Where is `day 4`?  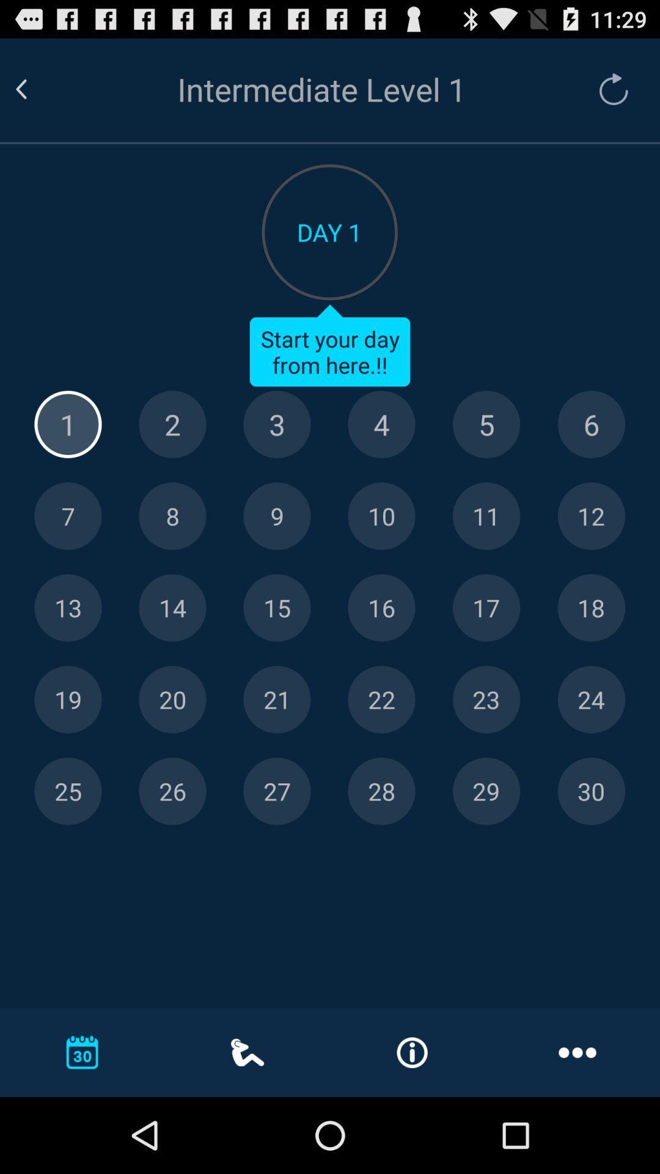 day 4 is located at coordinates (381, 424).